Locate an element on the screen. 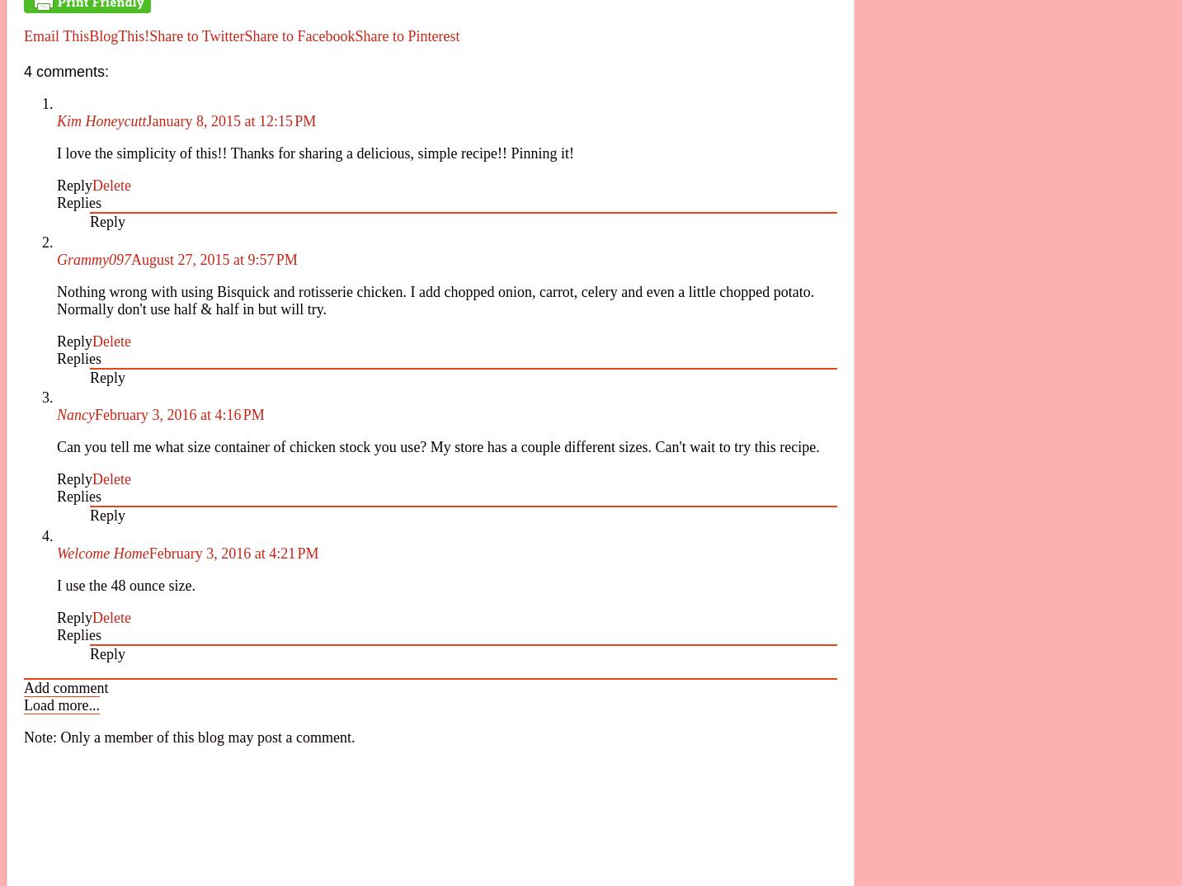 This screenshot has height=886, width=1182. 'Email This' is located at coordinates (55, 35).